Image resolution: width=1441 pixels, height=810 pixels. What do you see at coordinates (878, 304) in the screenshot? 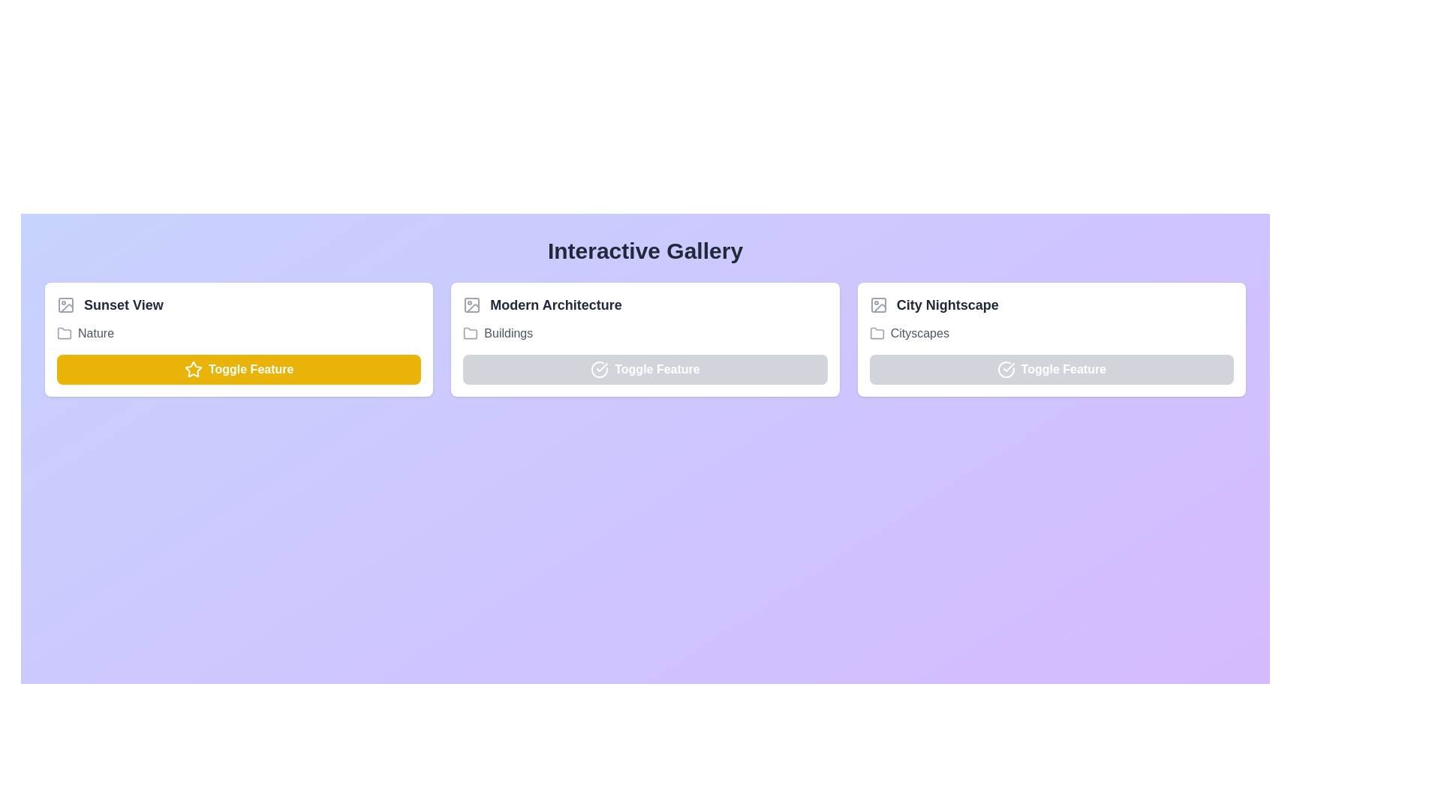
I see `the image placeholder icon with a gray hue located in the 'City Nightscape' card` at bounding box center [878, 304].